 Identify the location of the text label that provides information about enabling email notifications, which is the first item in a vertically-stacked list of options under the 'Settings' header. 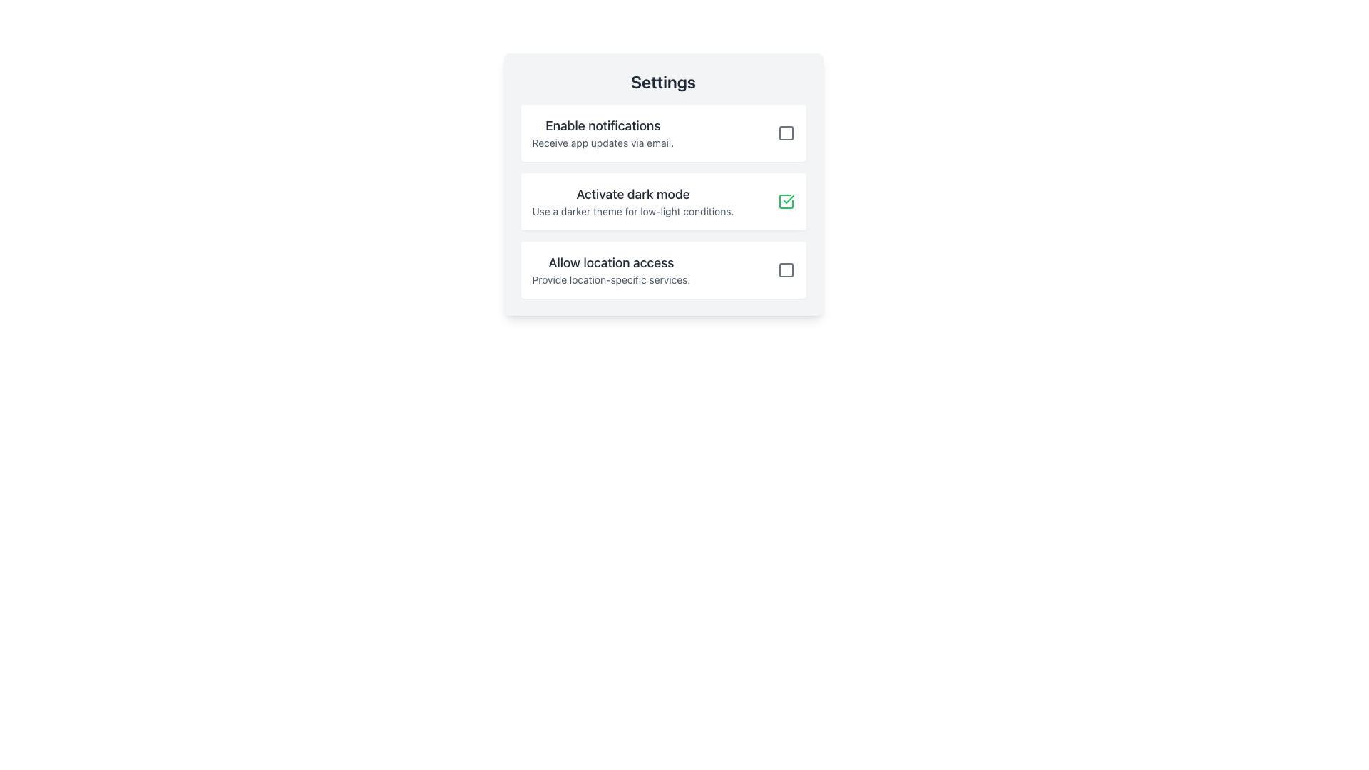
(603, 133).